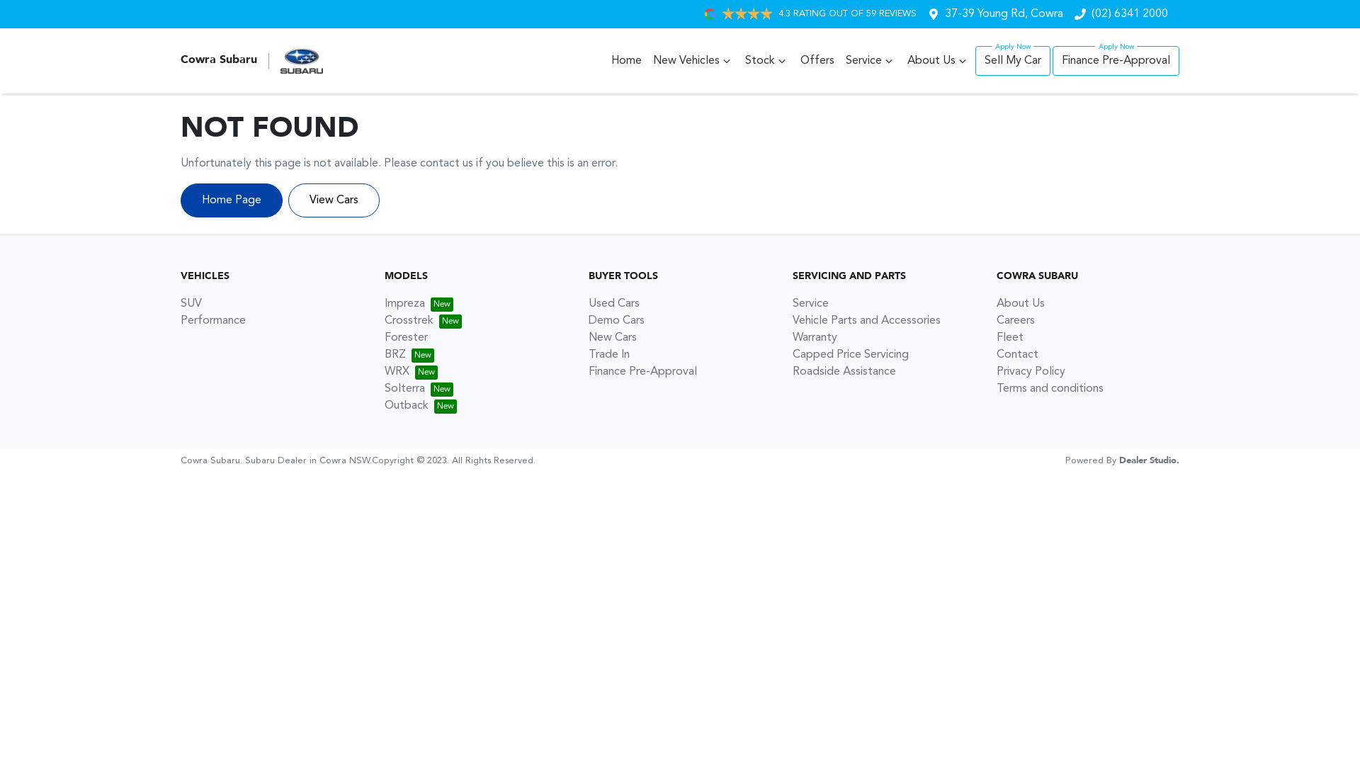 The image size is (1360, 765). Describe the element at coordinates (588, 370) in the screenshot. I see `'Finance Pre-Approval'` at that location.